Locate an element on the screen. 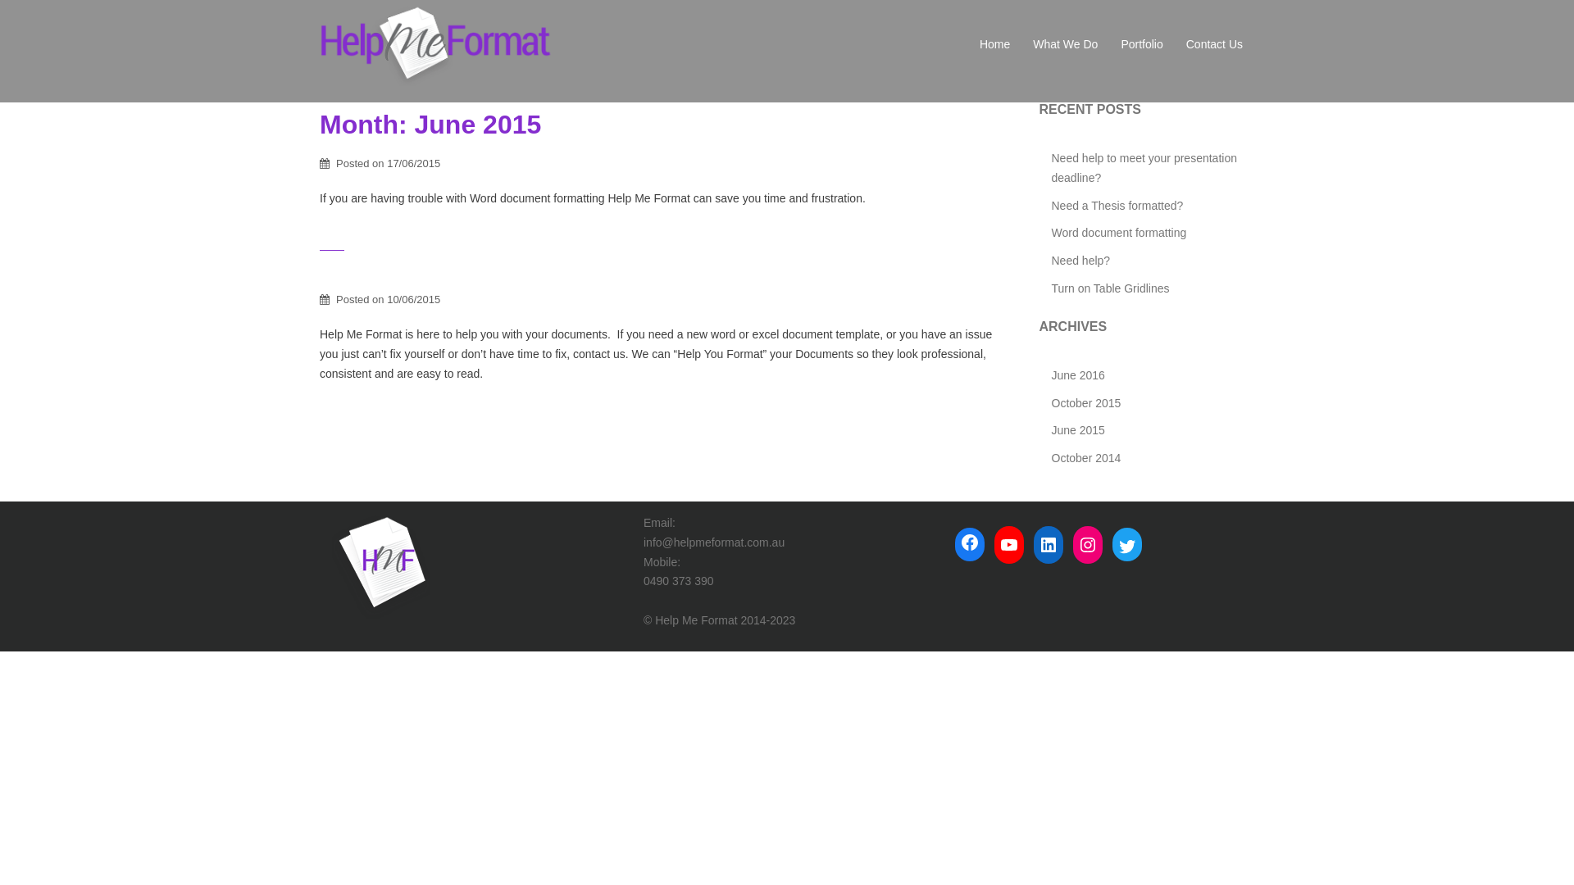 The height and width of the screenshot is (885, 1574). '17/06/2015' is located at coordinates (413, 163).